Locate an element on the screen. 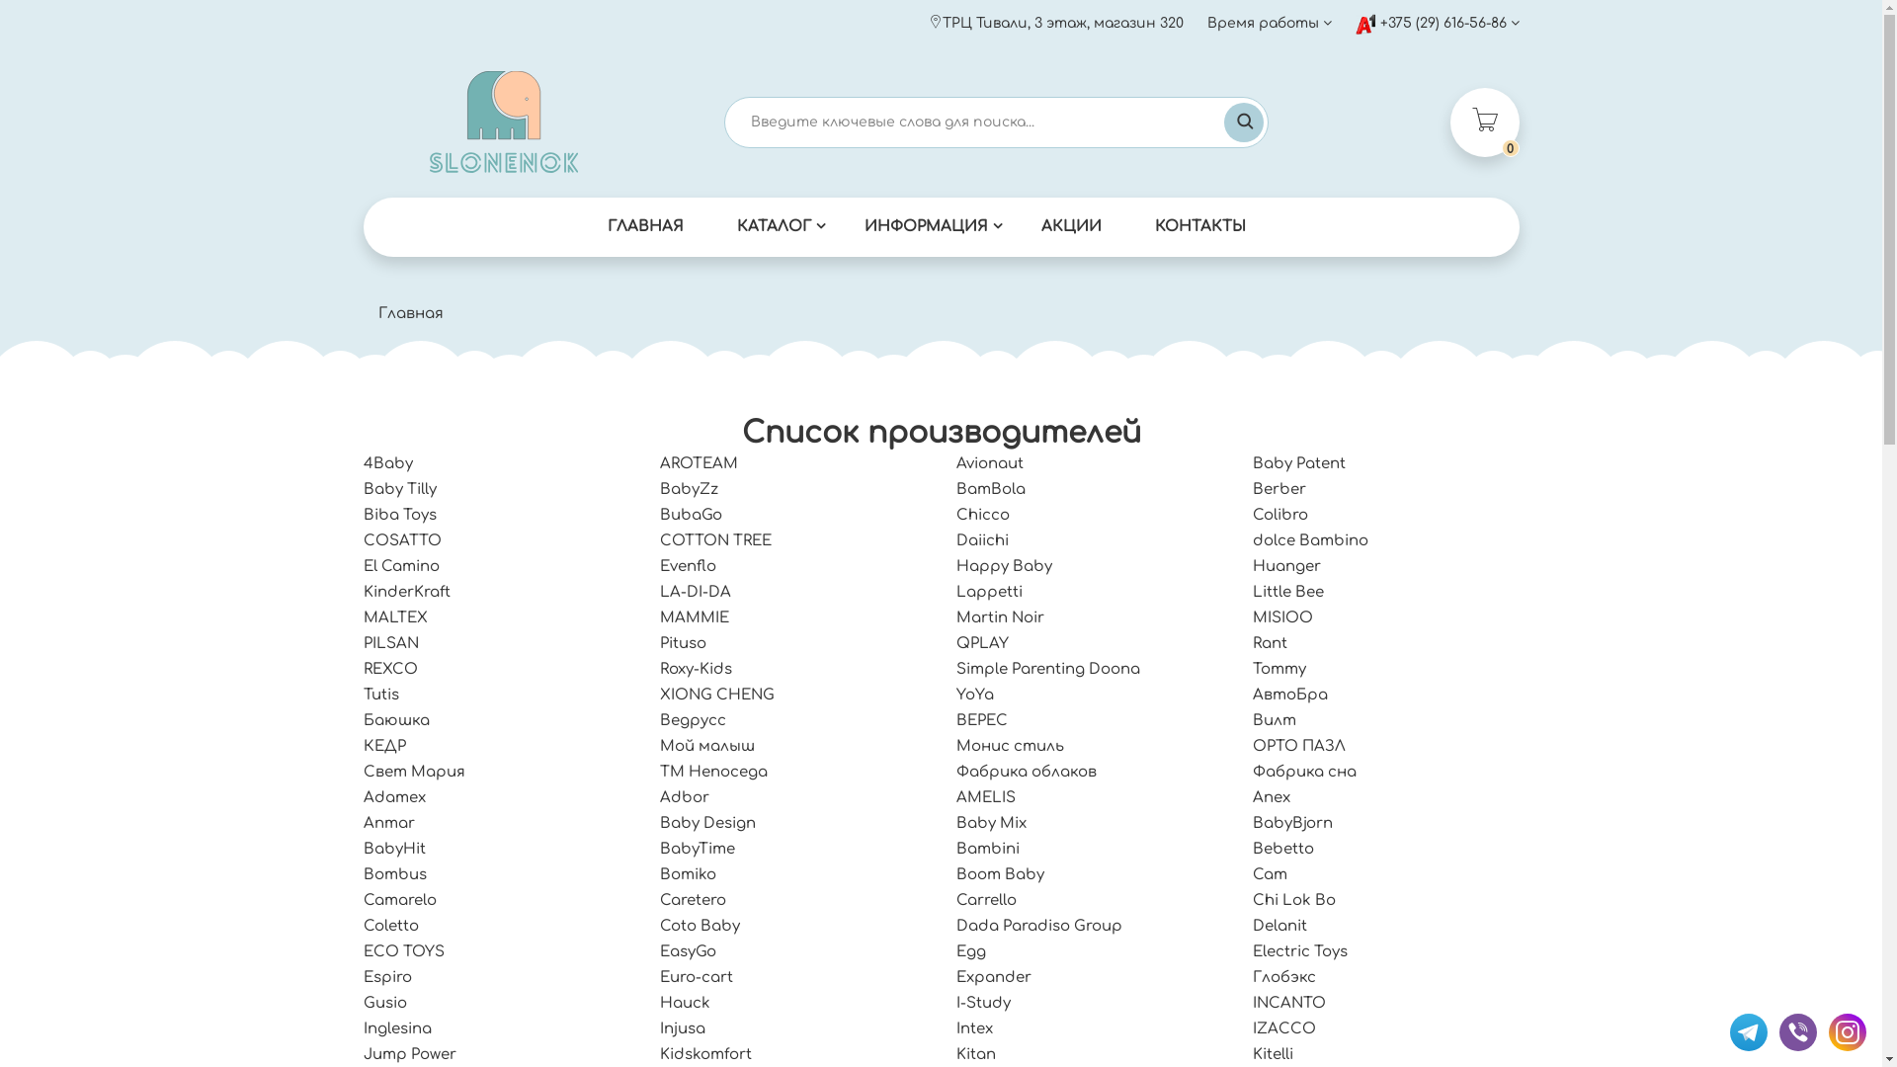  'Bambini' is located at coordinates (987, 848).